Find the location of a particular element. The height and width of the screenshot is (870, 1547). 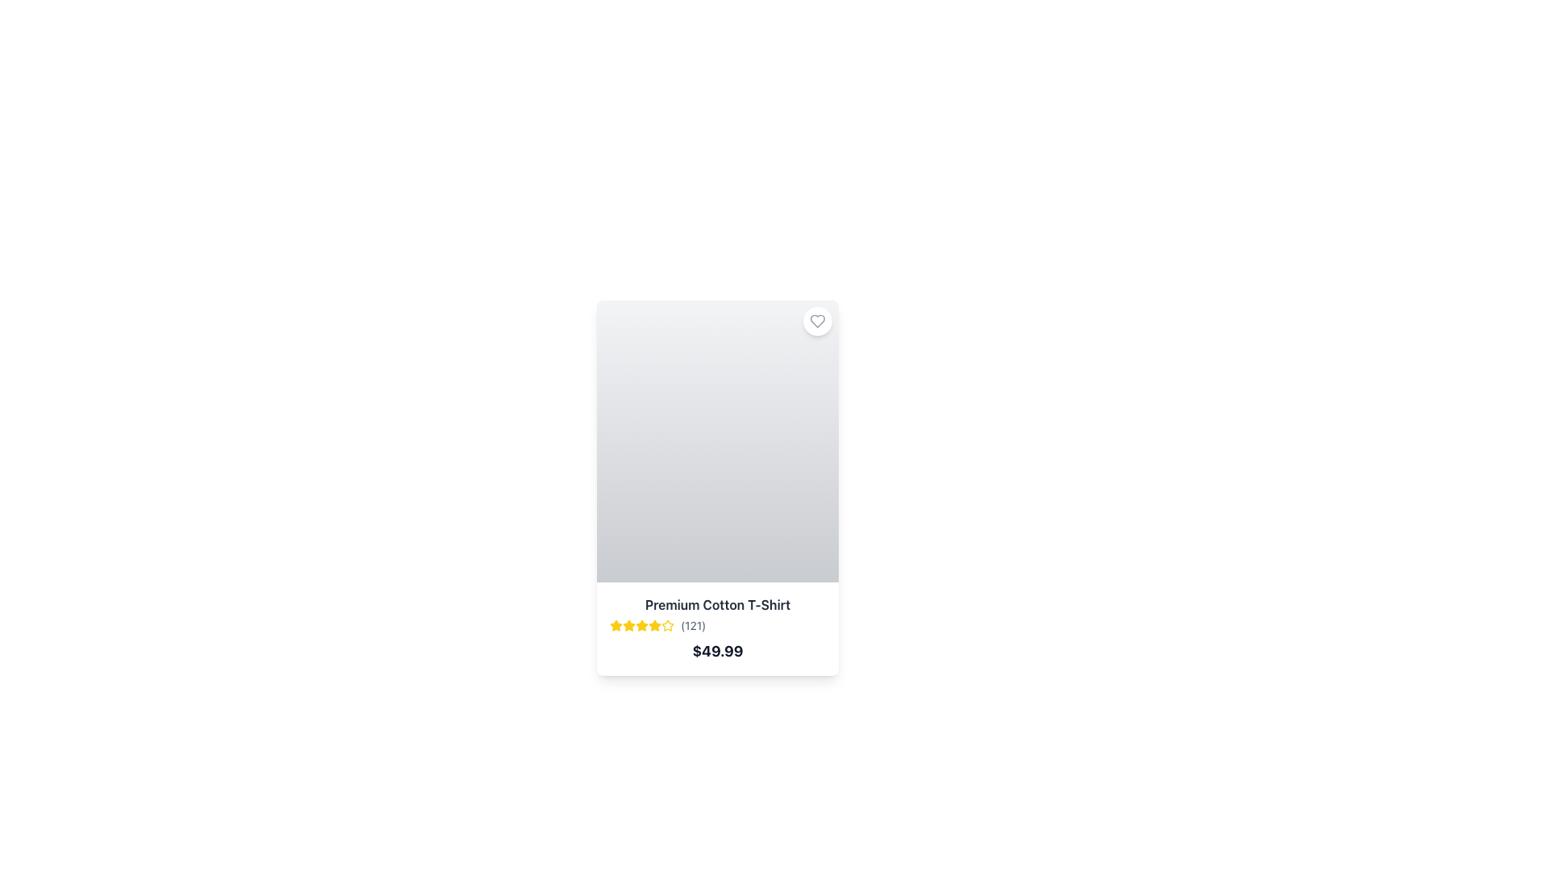

the third star icon in the rating widget for the 'Premium Cotton T-Shirt' product, which visually represents the third level of user rating is located at coordinates (628, 624).